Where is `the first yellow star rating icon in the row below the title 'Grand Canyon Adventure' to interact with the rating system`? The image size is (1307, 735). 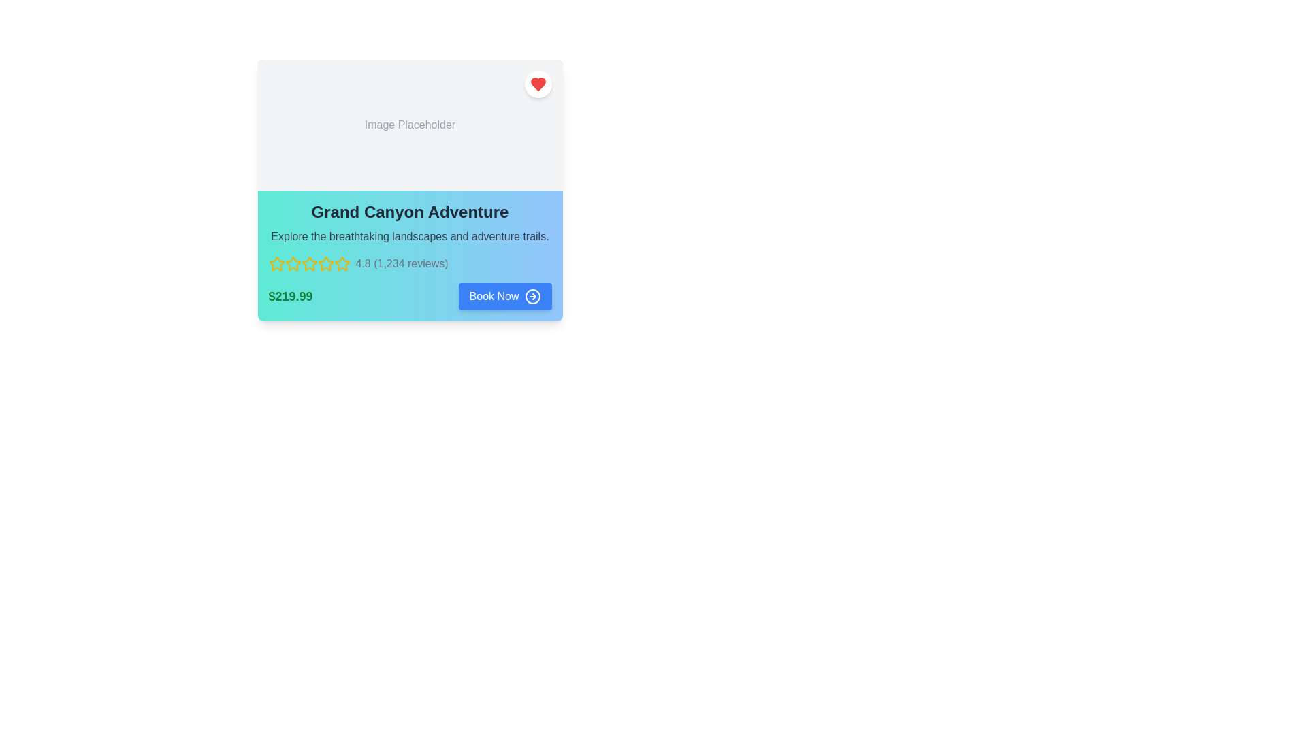
the first yellow star rating icon in the row below the title 'Grand Canyon Adventure' to interact with the rating system is located at coordinates (276, 263).